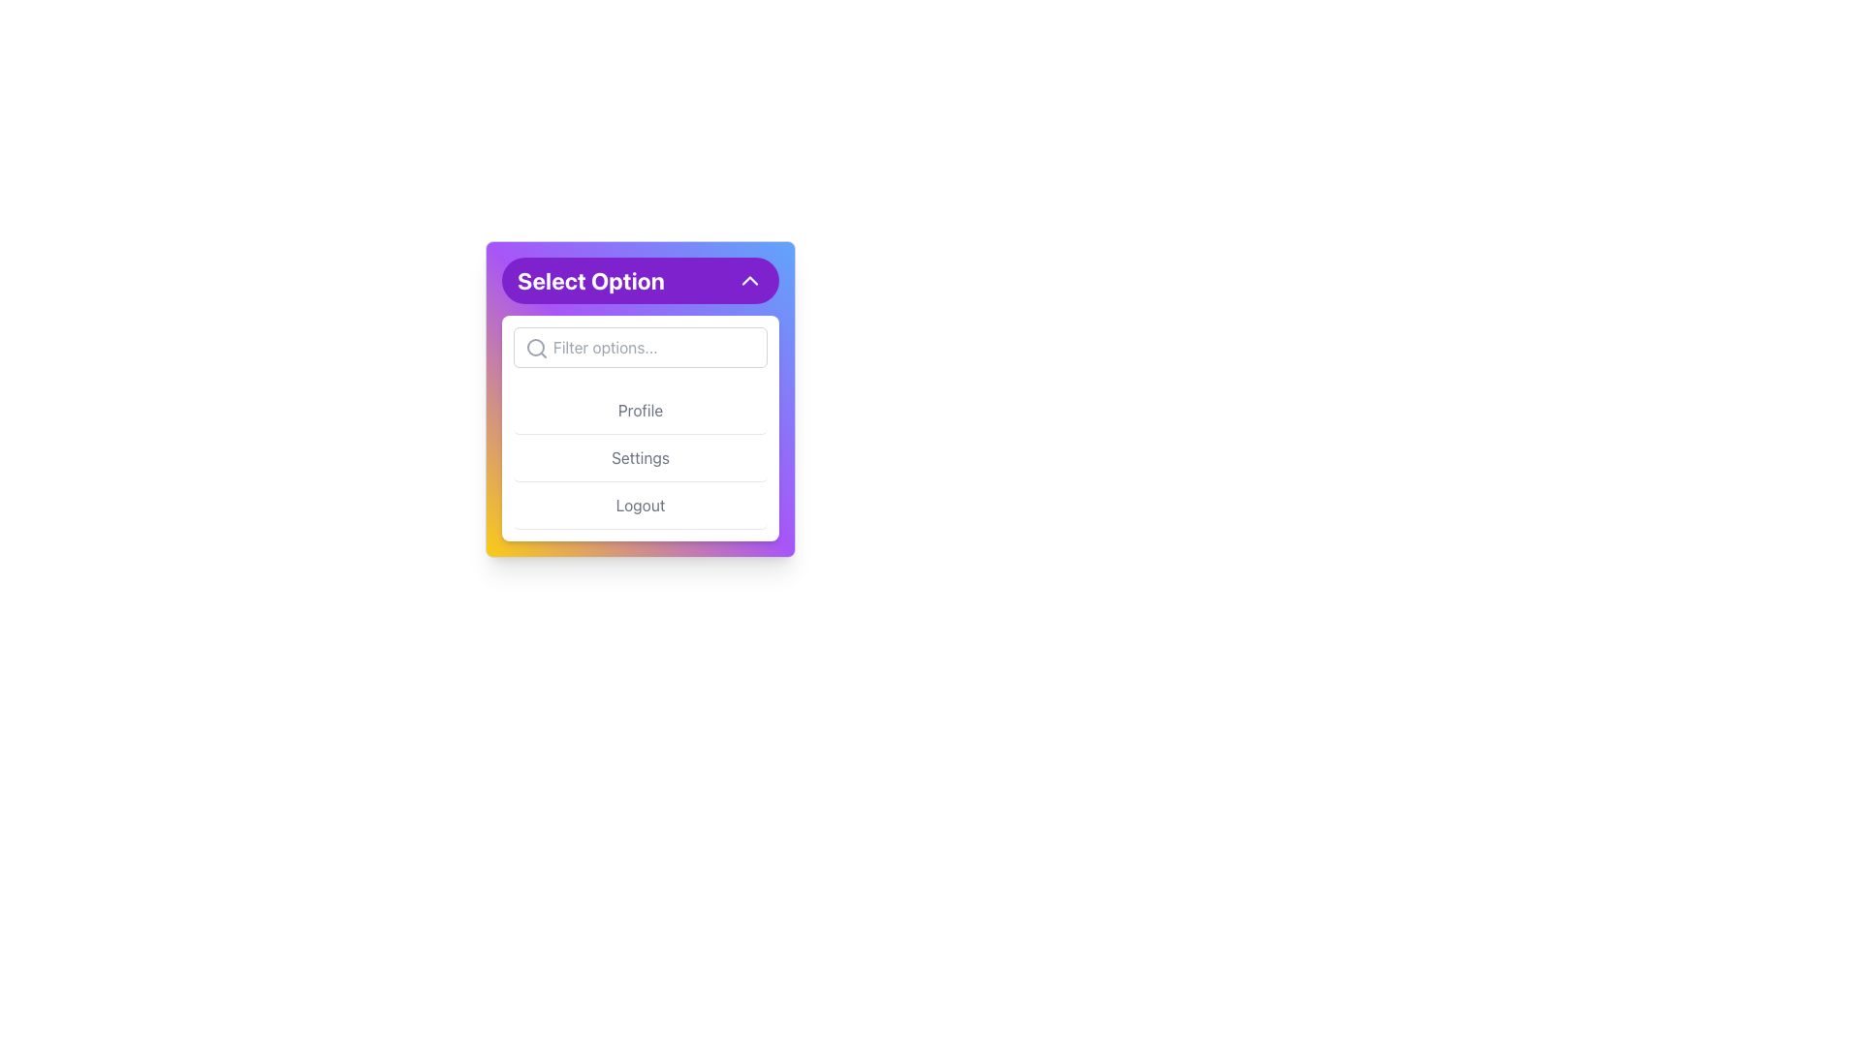  Describe the element at coordinates (536, 347) in the screenshot. I see `the decorative search icon located within the text input box, positioned towards the left edge of the input box` at that location.